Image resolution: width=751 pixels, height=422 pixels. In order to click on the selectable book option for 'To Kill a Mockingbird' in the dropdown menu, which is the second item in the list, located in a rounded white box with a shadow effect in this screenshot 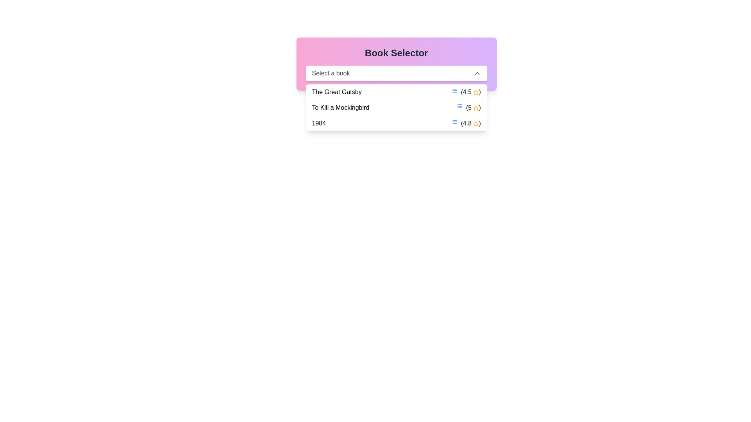, I will do `click(396, 108)`.